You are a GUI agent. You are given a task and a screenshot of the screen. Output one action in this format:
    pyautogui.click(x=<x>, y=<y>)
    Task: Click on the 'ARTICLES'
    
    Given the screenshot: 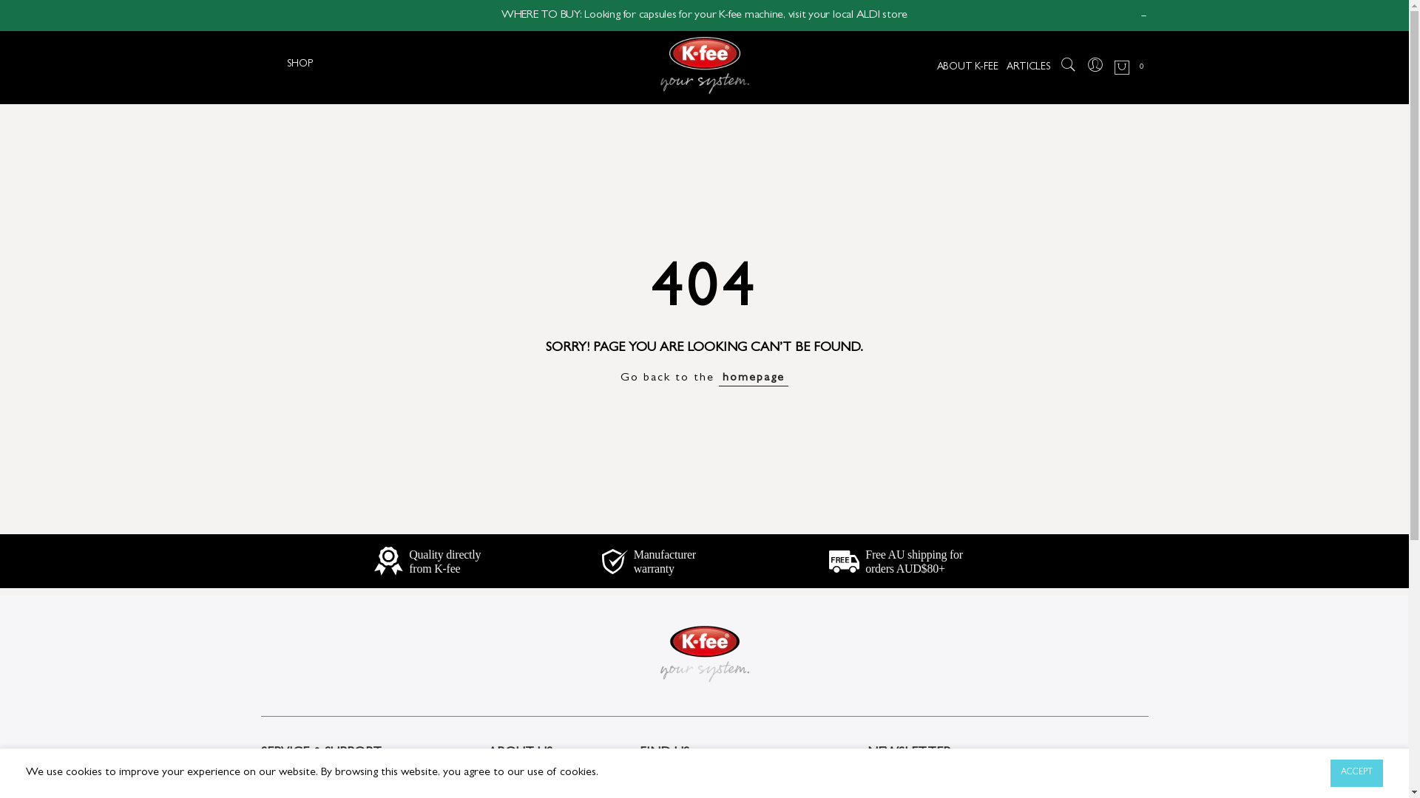 What is the action you would take?
    pyautogui.click(x=1027, y=68)
    